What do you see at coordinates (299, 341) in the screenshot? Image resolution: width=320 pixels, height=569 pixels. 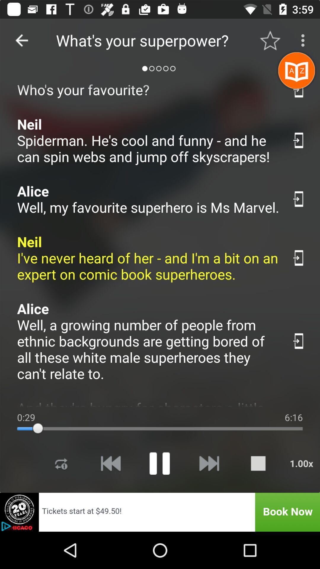 I see `quote` at bounding box center [299, 341].